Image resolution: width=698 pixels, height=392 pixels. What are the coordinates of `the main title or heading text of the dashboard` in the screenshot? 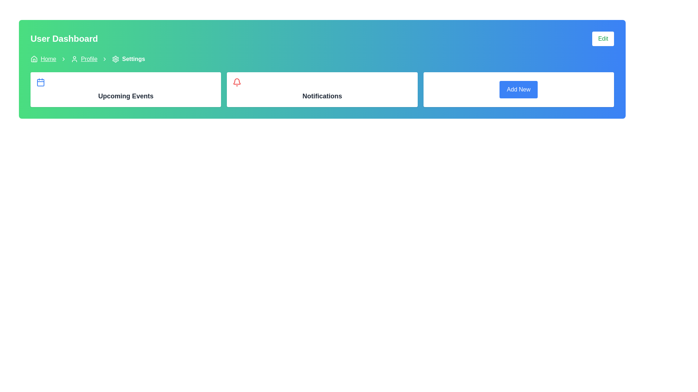 It's located at (64, 39).